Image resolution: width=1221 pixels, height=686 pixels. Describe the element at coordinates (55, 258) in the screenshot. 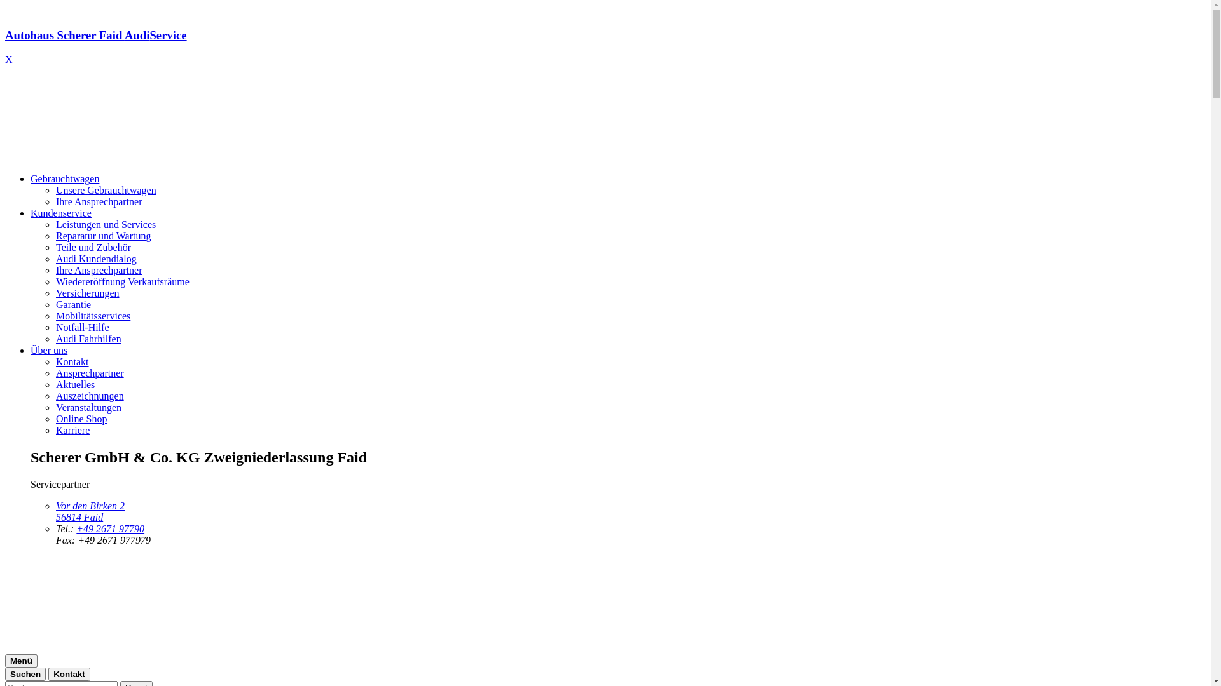

I see `'Audi Kundendialog'` at that location.